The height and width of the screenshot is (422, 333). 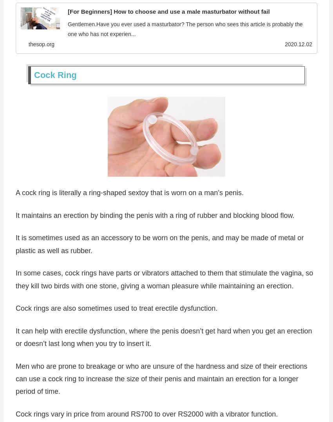 What do you see at coordinates (15, 338) in the screenshot?
I see `'It can help with erectile dysfunction, where the penis doesn’t get hard when you get an erection or doesn’t last long when you try to insert it.'` at bounding box center [15, 338].